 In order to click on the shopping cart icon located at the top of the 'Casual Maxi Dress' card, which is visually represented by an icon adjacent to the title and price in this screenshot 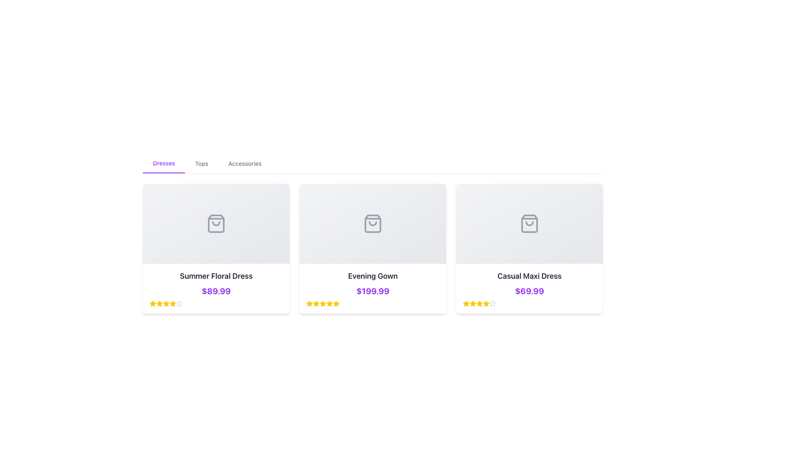, I will do `click(529, 223)`.